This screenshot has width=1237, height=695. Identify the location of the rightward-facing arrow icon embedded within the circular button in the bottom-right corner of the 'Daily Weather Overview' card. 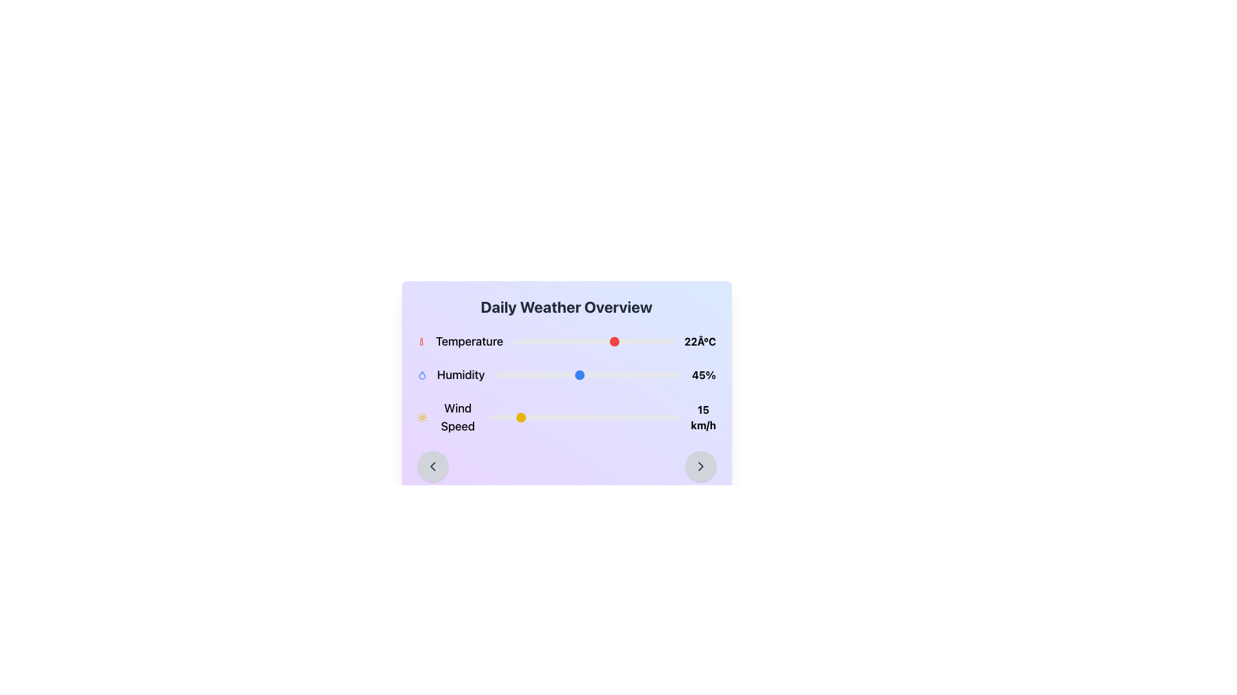
(700, 467).